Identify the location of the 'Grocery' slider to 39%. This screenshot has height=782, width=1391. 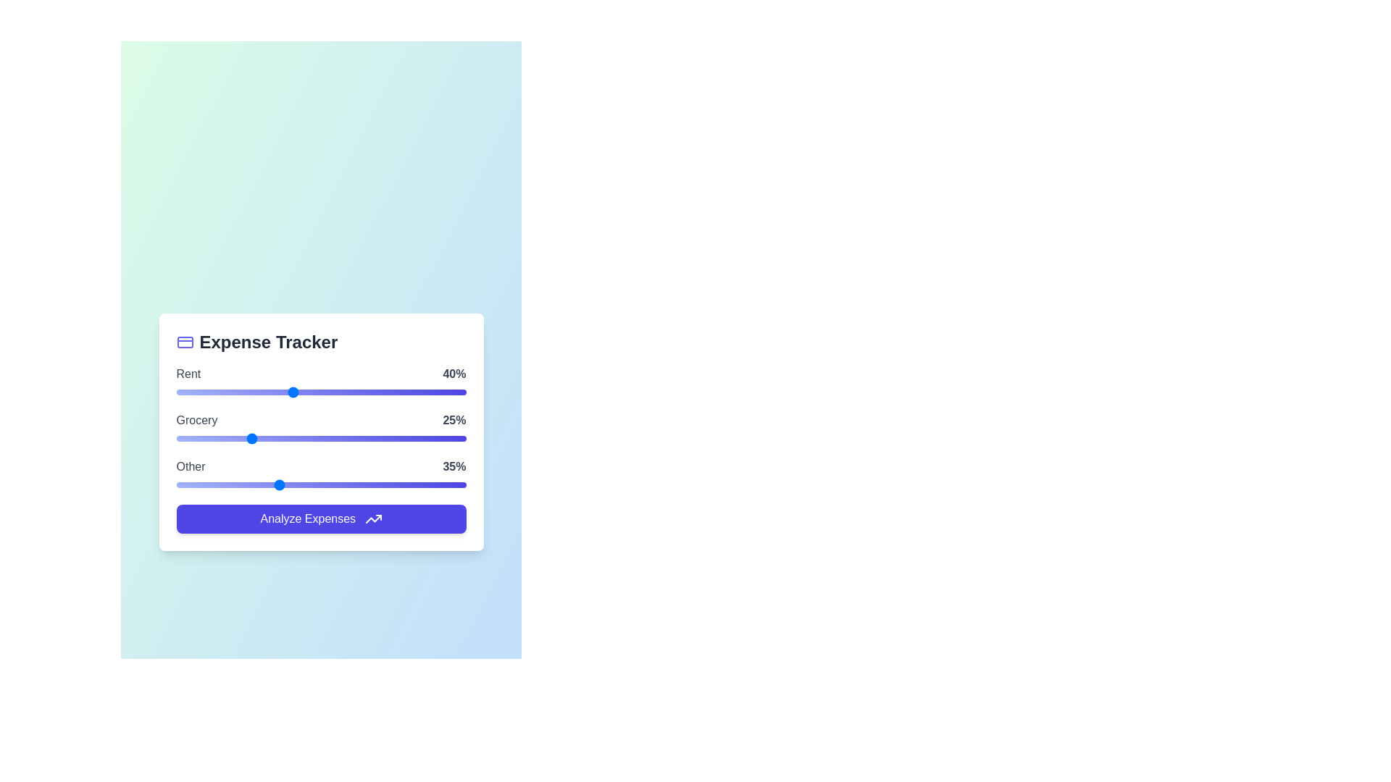
(289, 437).